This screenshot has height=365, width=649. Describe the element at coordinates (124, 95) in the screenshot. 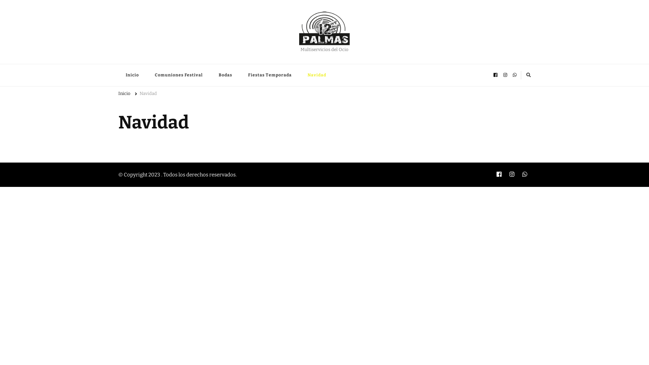

I see `'Inicio'` at that location.